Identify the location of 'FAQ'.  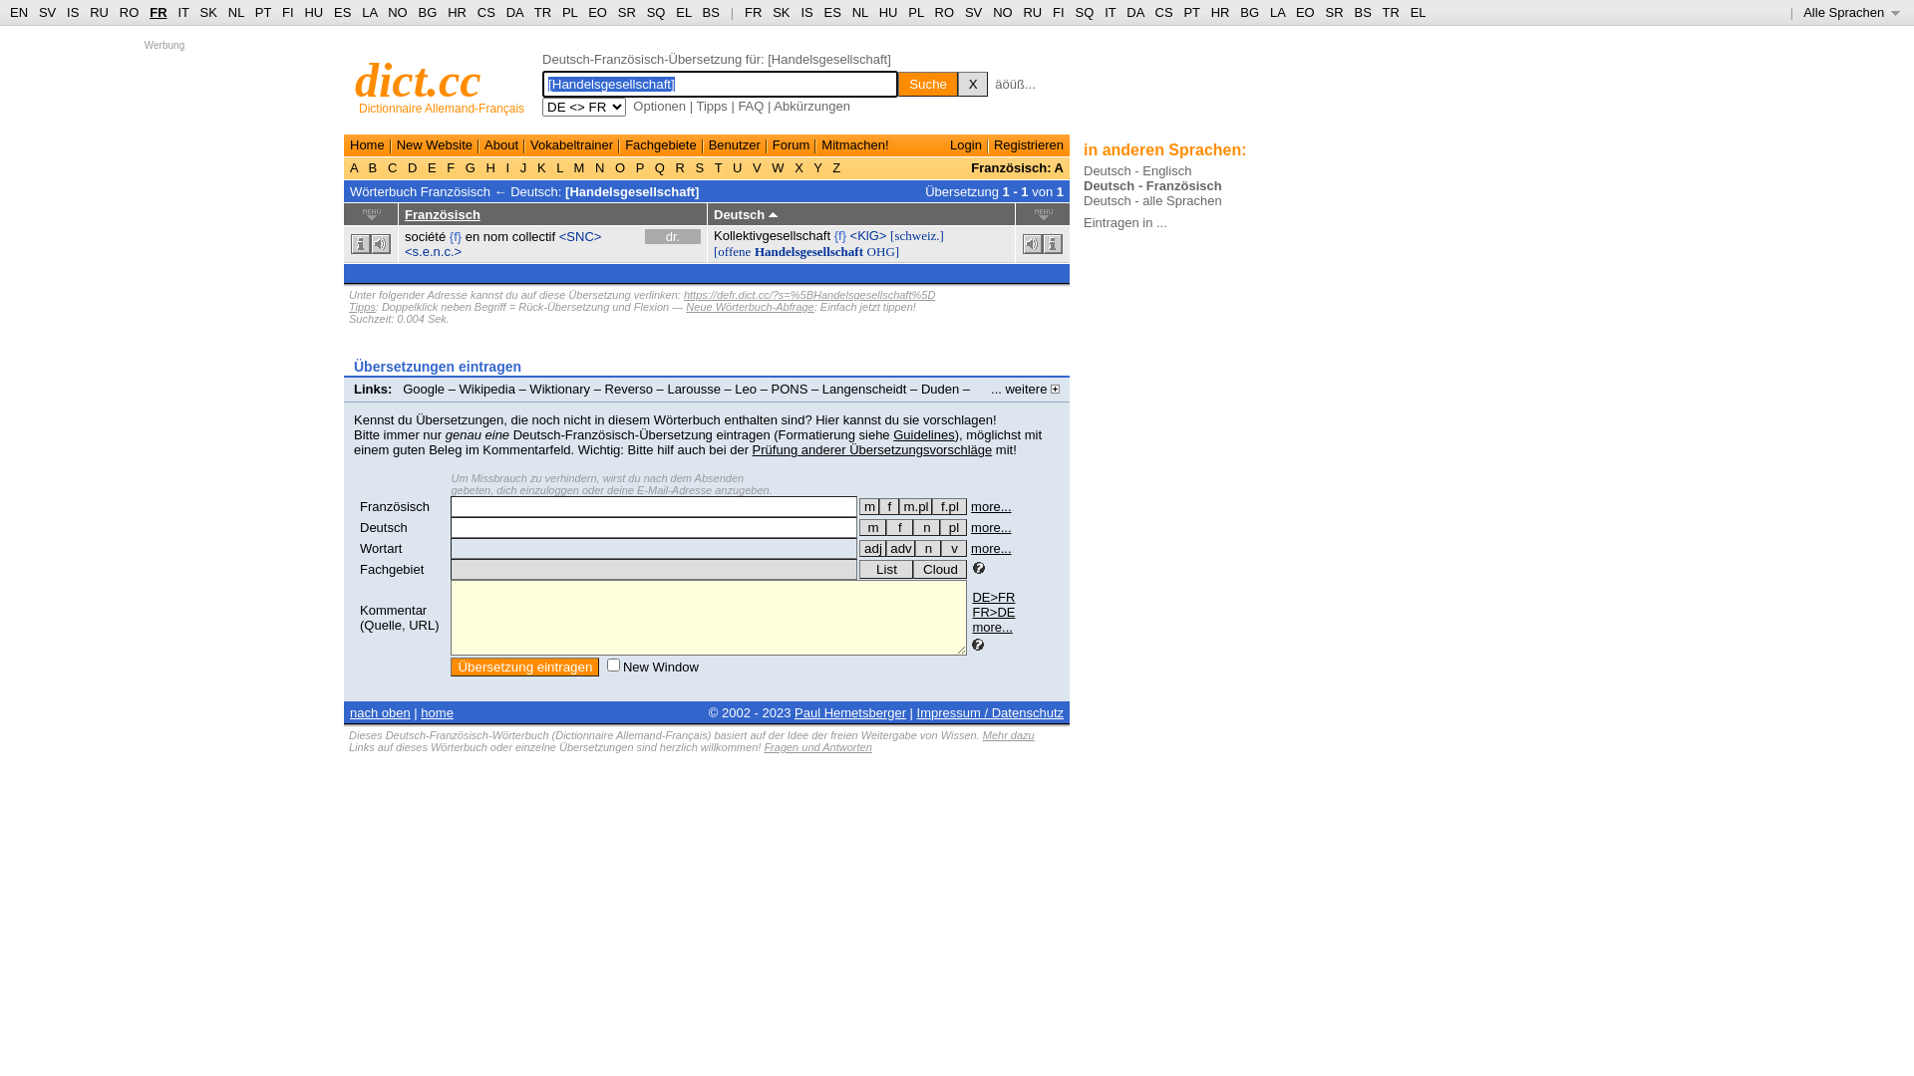
(736, 106).